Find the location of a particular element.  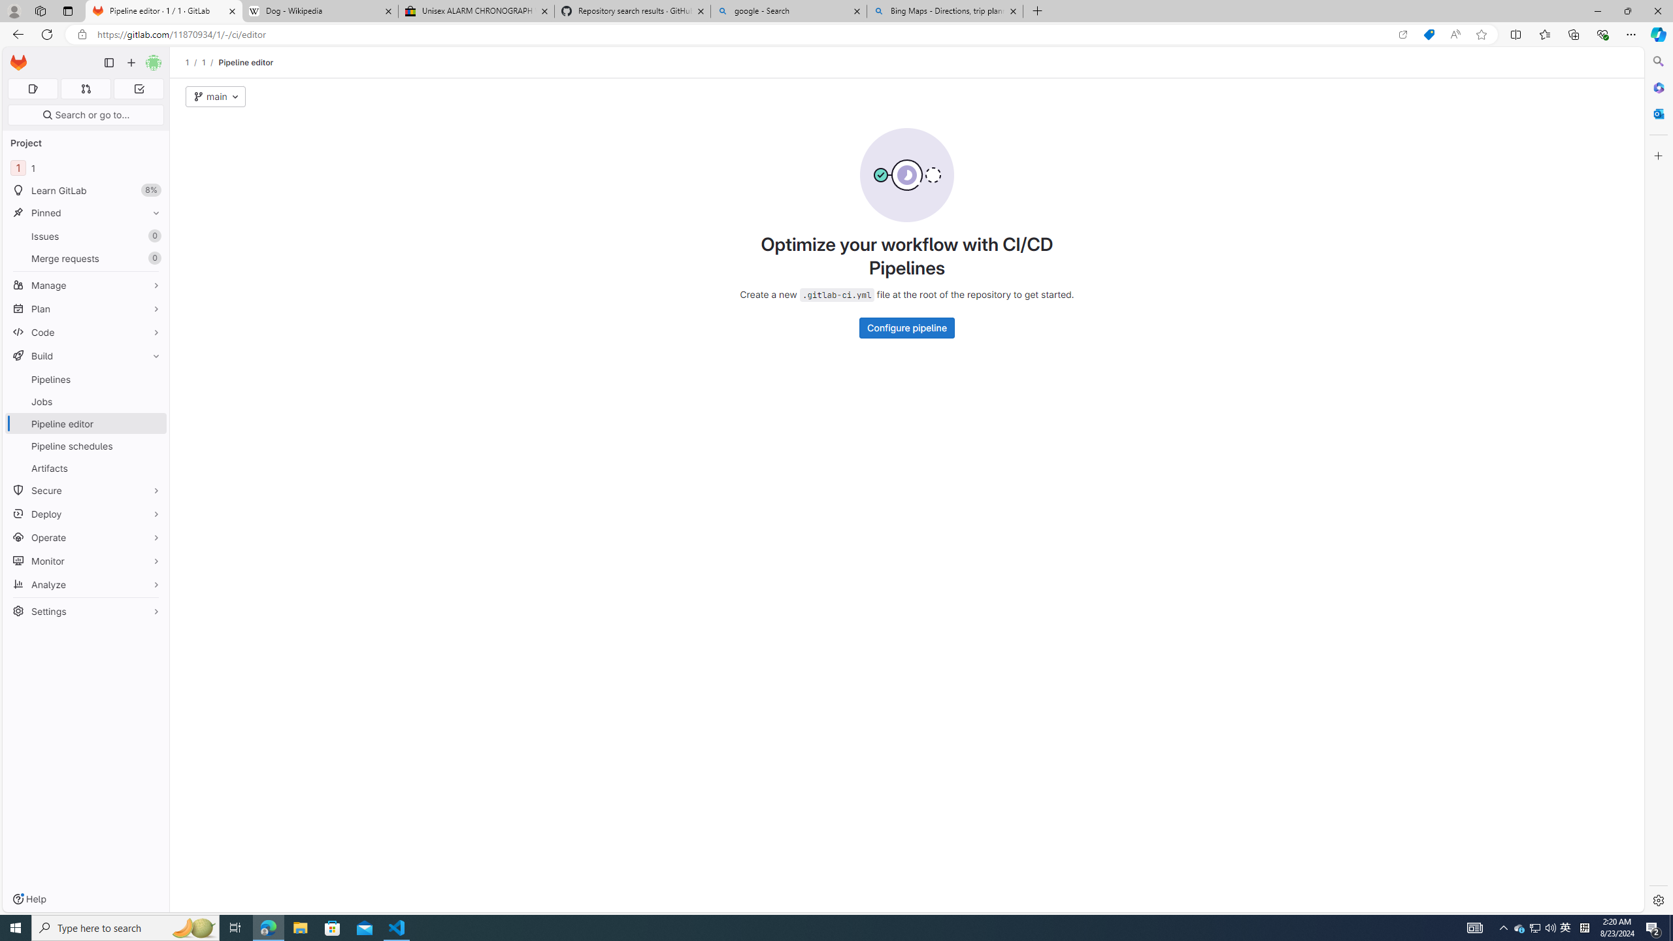

'Unpin Merge requests' is located at coordinates (152, 257).